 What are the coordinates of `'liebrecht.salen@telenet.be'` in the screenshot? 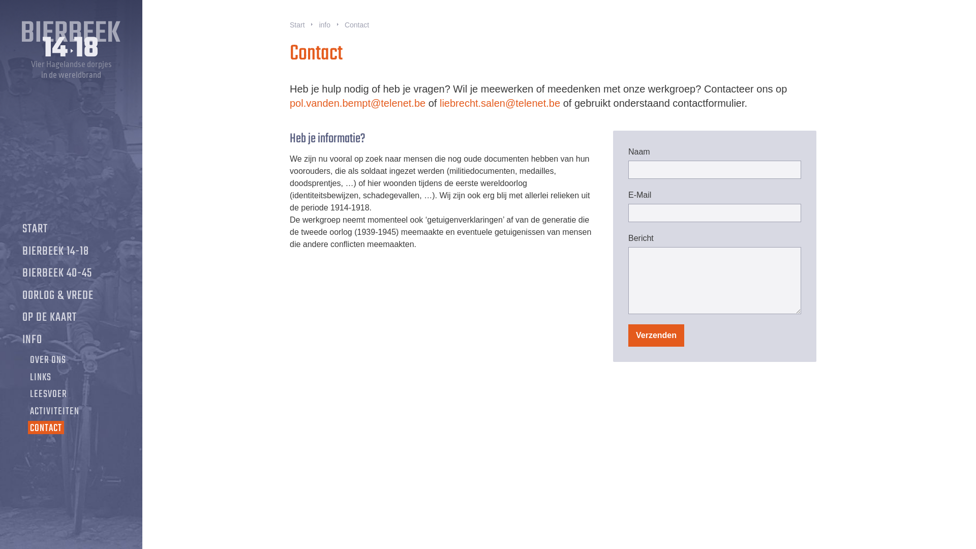 It's located at (500, 103).